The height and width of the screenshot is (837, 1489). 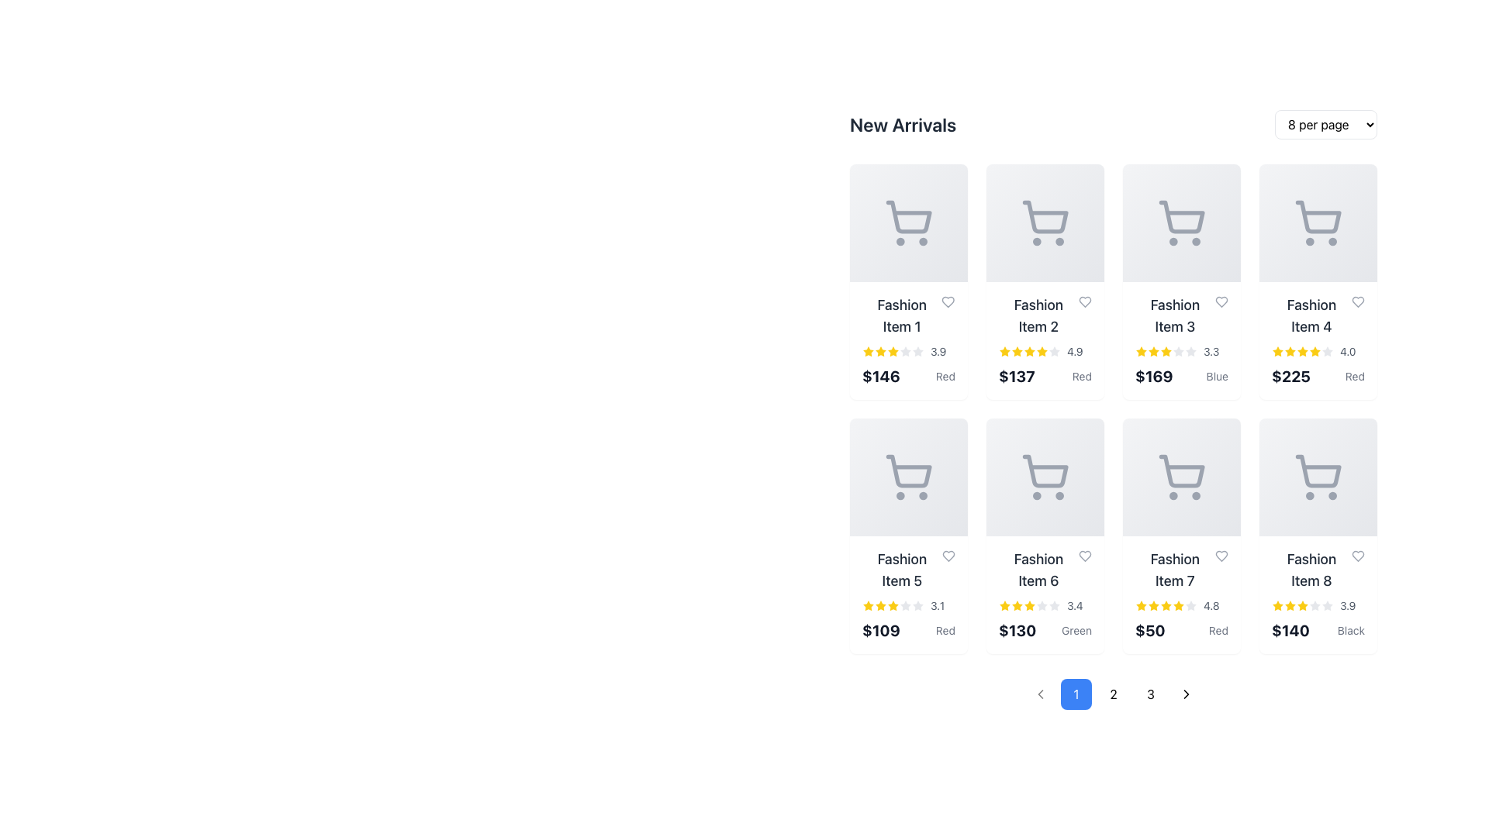 What do you see at coordinates (1154, 352) in the screenshot?
I see `the visual representation of the 3.3-star rating icon for 'Fashion Item 3', which is the third star in a sequence of five stars in the product grid` at bounding box center [1154, 352].